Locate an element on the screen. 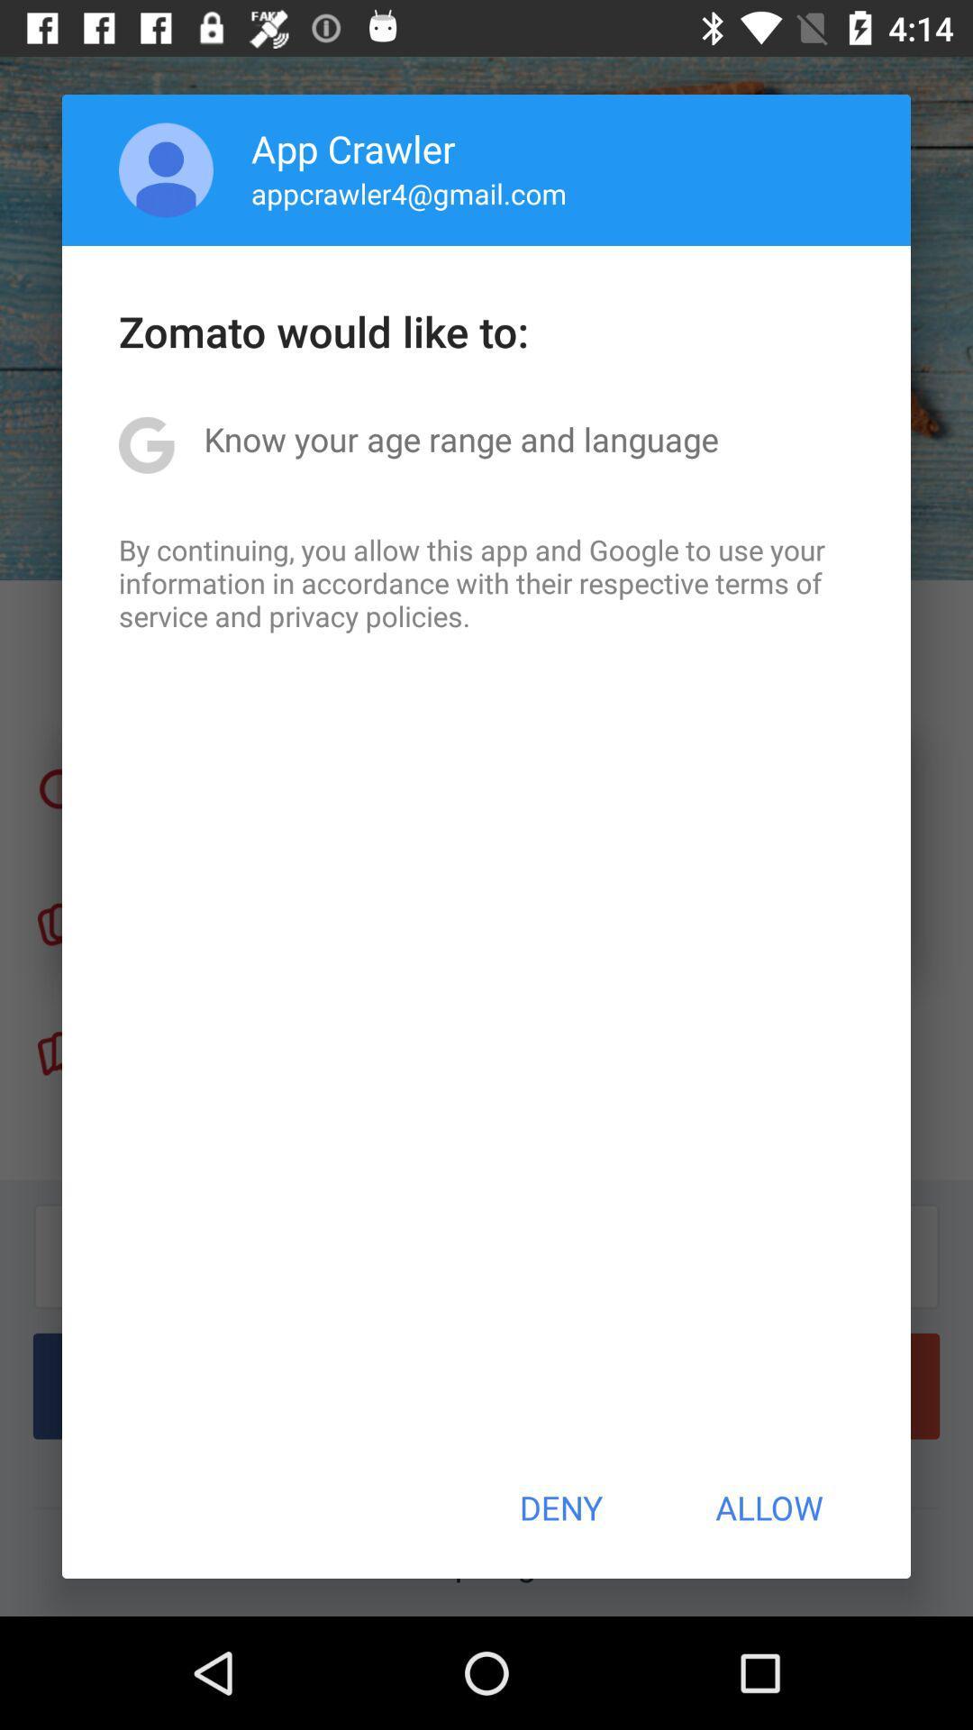 The width and height of the screenshot is (973, 1730). the item below by continuing you app is located at coordinates (559, 1507).